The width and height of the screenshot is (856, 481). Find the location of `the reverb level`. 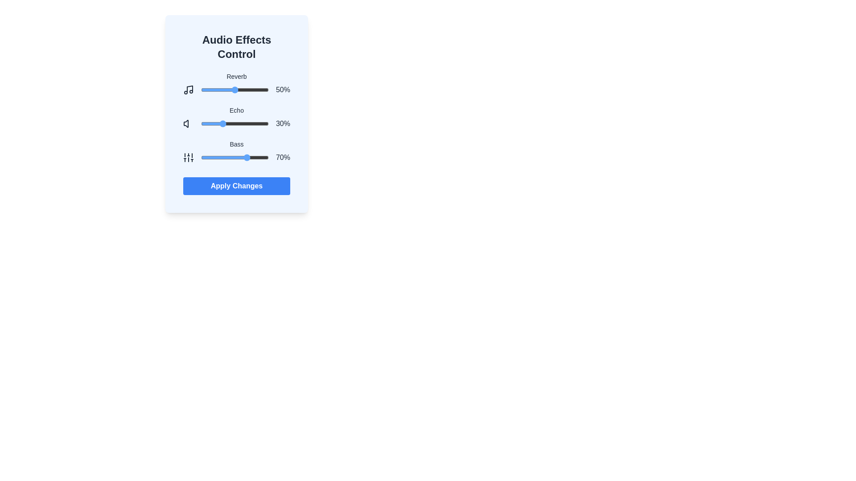

the reverb level is located at coordinates (233, 90).